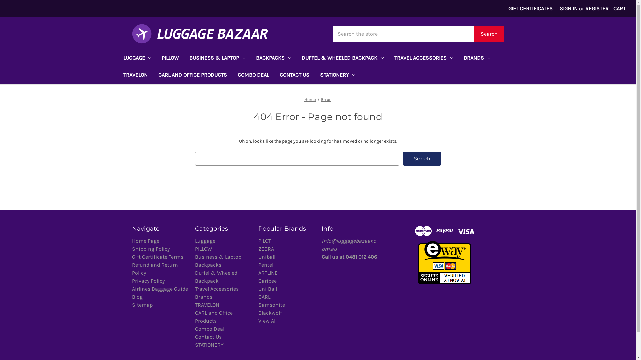 The height and width of the screenshot is (360, 641). Describe the element at coordinates (209, 328) in the screenshot. I see `'Combo Deal'` at that location.